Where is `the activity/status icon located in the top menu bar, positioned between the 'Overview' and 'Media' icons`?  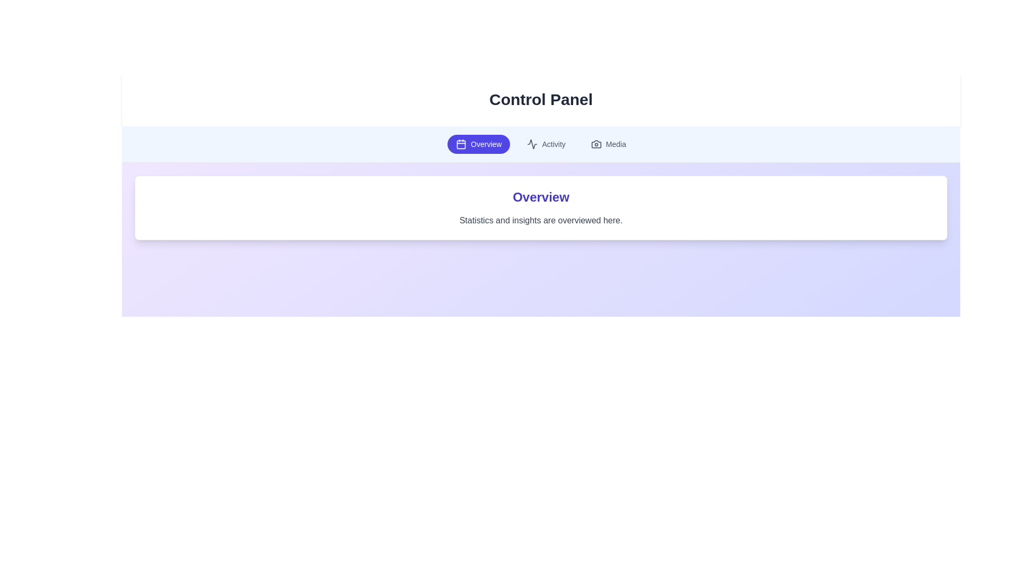
the activity/status icon located in the top menu bar, positioned between the 'Overview' and 'Media' icons is located at coordinates (532, 144).